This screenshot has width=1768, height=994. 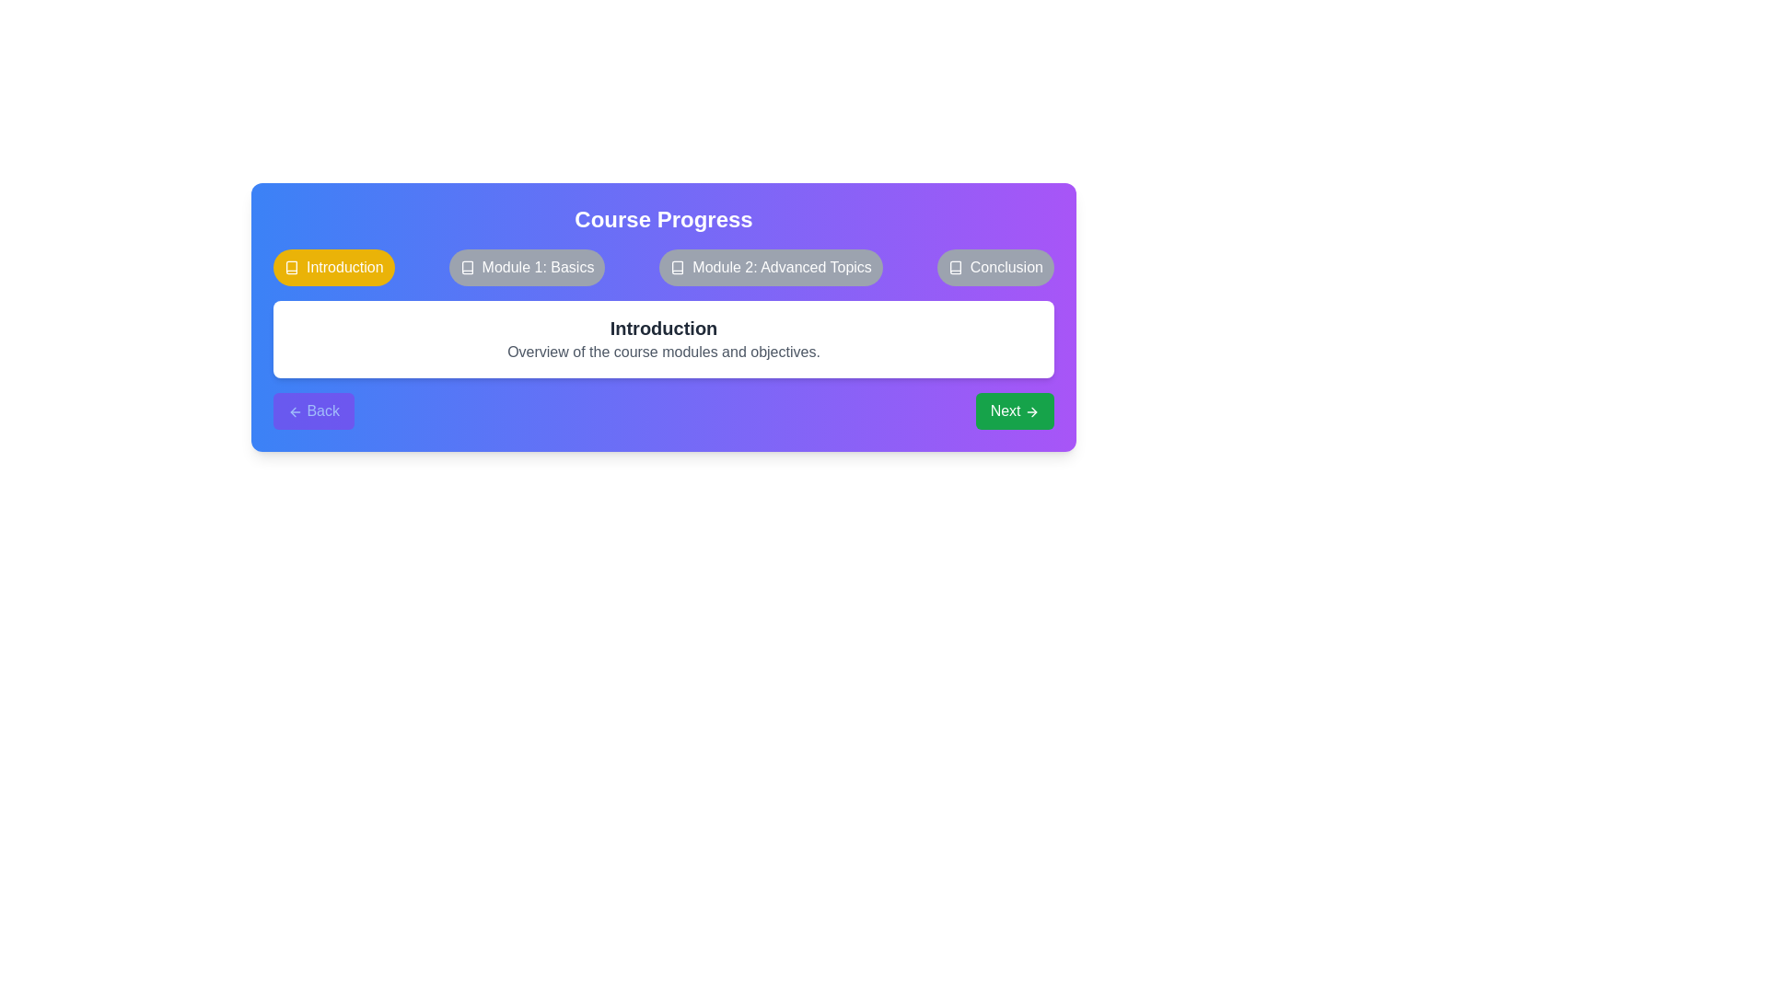 I want to click on the course step Introduction by clicking on its associated button, so click(x=333, y=267).